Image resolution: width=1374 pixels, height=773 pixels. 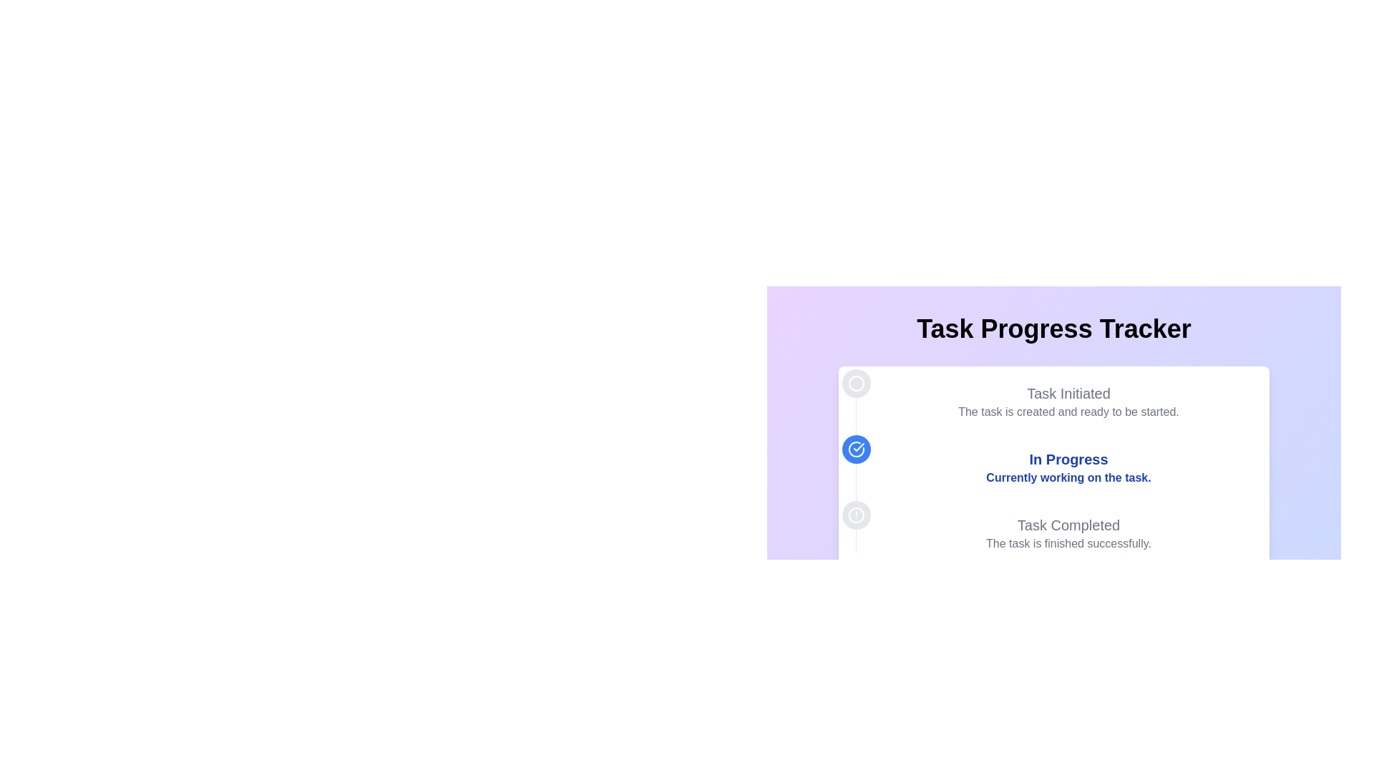 What do you see at coordinates (1068, 525) in the screenshot?
I see `the Text label indicating completed task status, located in the bottom section of the vertical progress tracker, directly above the text 'The task is finished successfully.'` at bounding box center [1068, 525].